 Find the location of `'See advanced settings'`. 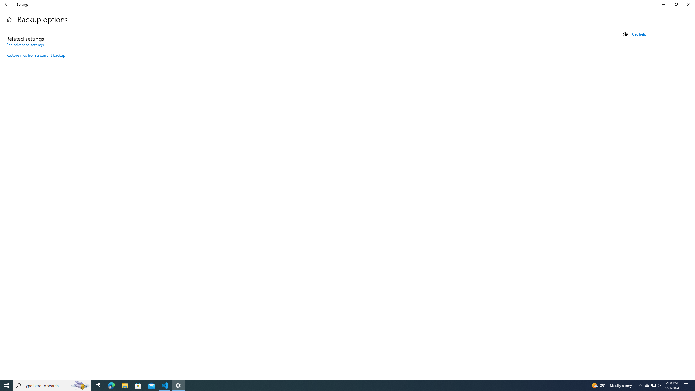

'See advanced settings' is located at coordinates (25, 45).